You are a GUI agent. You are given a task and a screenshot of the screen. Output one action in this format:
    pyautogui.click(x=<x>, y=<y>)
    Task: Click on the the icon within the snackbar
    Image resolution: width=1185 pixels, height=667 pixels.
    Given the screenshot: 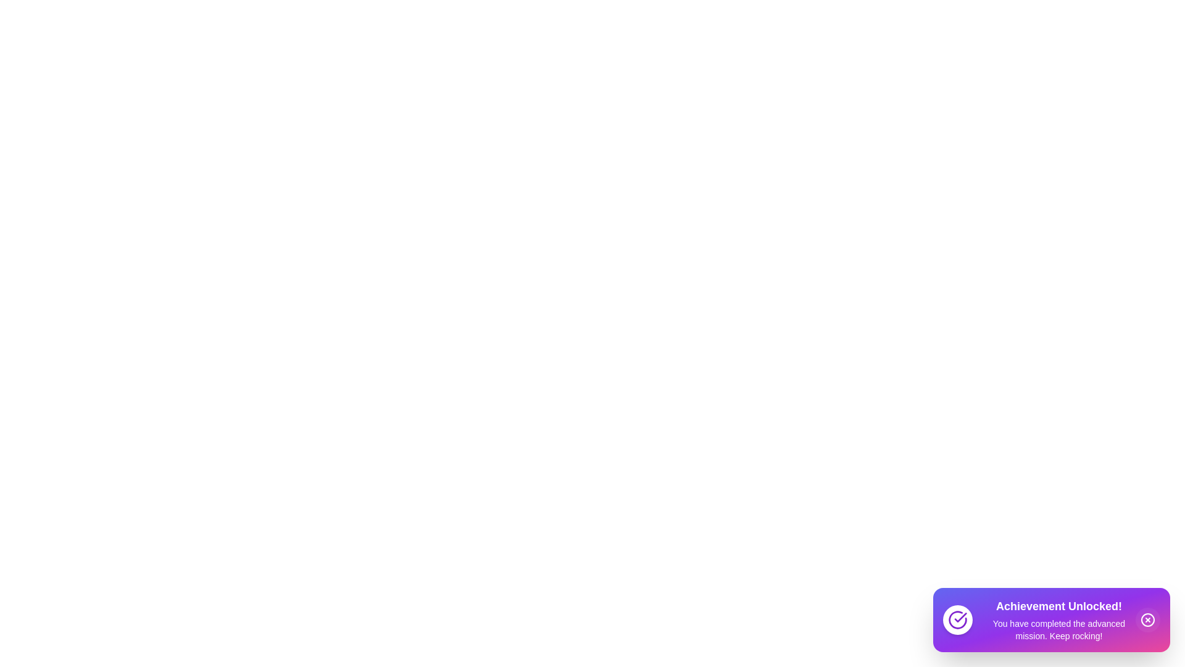 What is the action you would take?
    pyautogui.click(x=957, y=619)
    